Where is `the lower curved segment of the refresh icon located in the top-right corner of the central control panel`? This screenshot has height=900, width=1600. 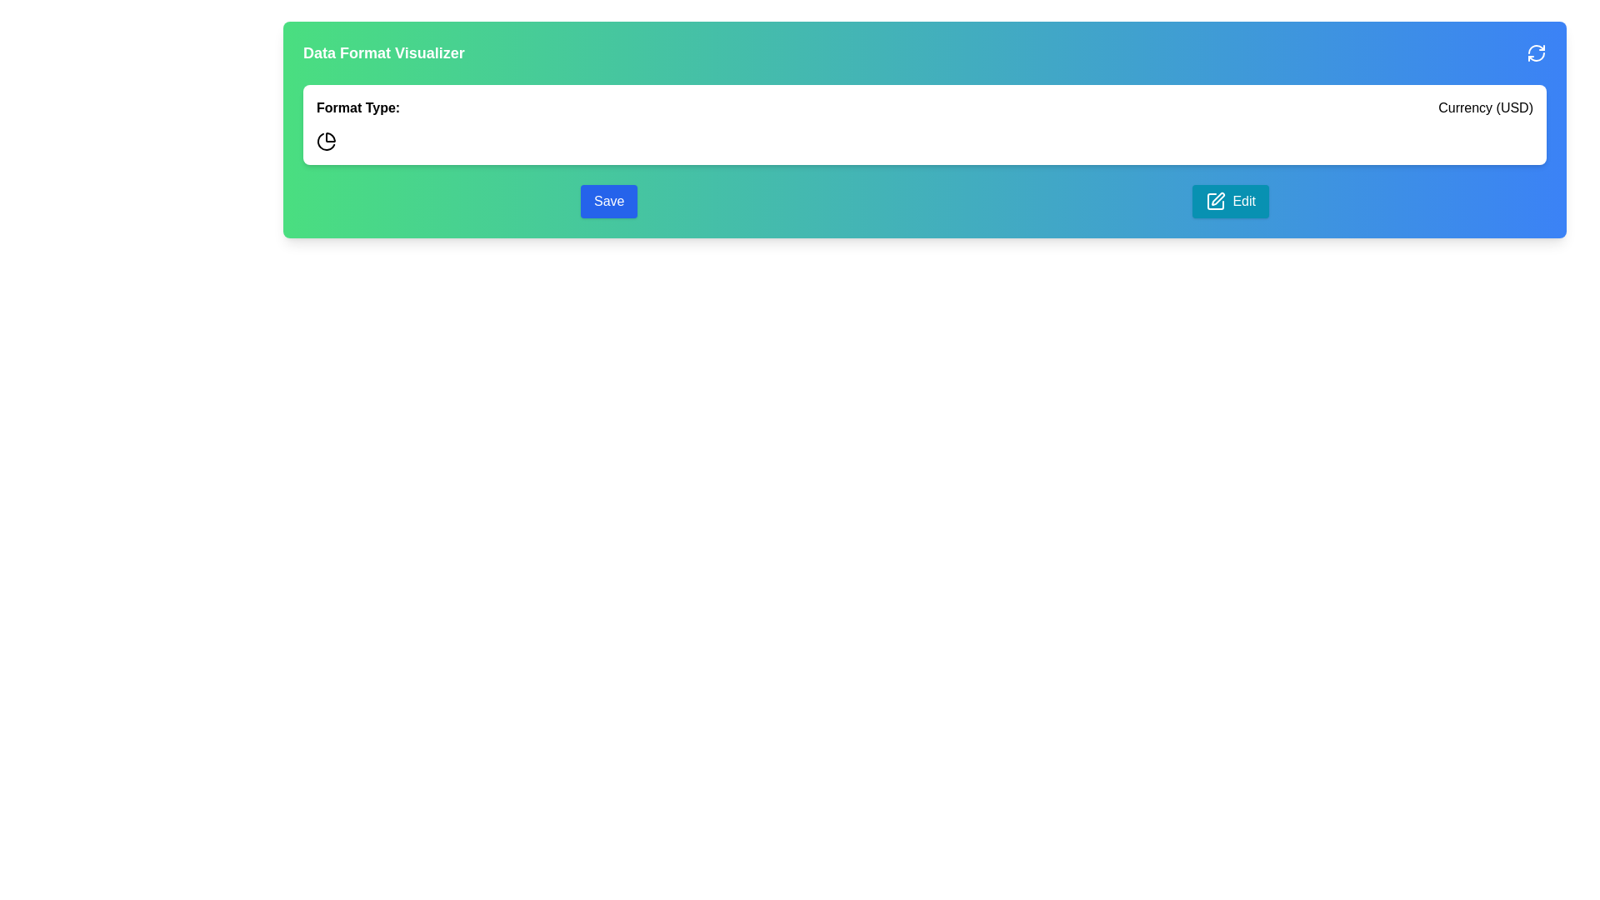 the lower curved segment of the refresh icon located in the top-right corner of the central control panel is located at coordinates (1535, 56).